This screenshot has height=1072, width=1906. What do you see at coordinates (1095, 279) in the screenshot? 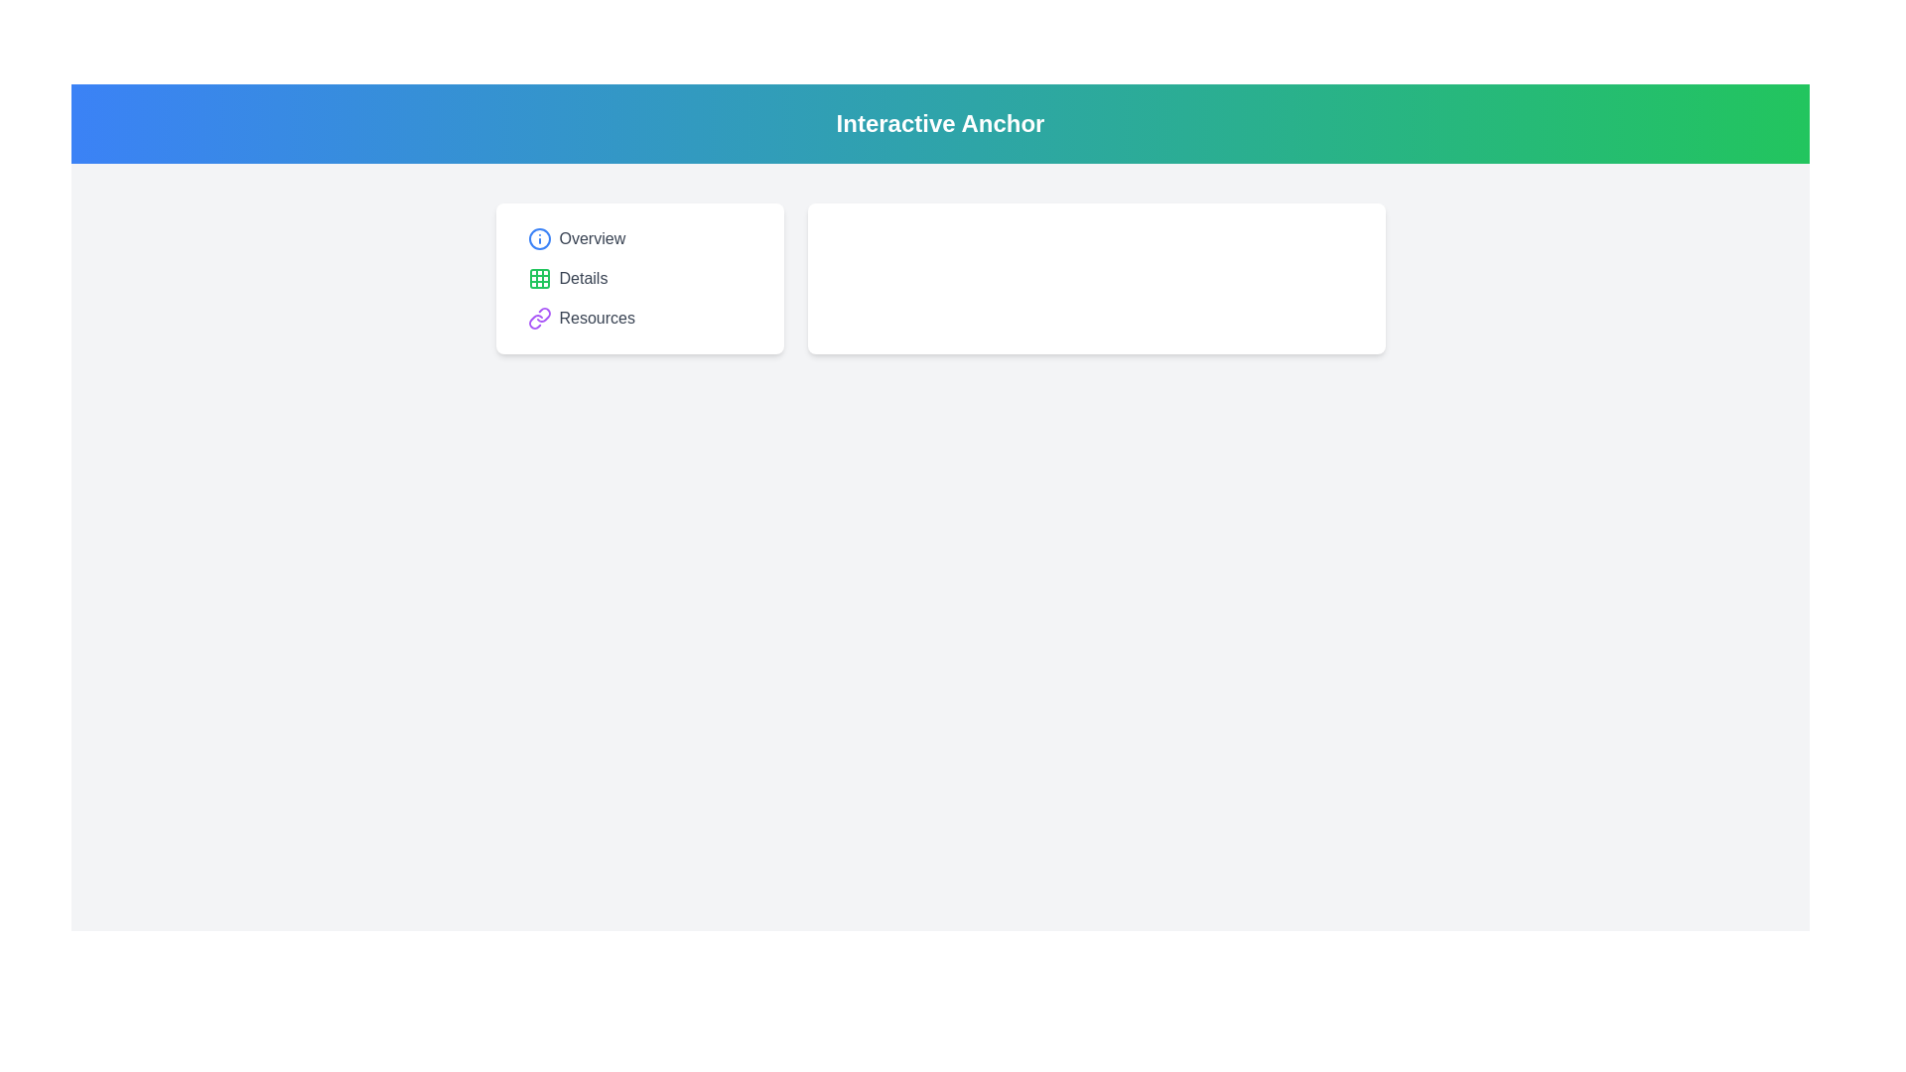
I see `the elements contained within the white rectangular box with rounded corners located in the right section of the interface, adjacent to the left section containing 'Overview', 'Details', and 'Resources'` at bounding box center [1095, 279].